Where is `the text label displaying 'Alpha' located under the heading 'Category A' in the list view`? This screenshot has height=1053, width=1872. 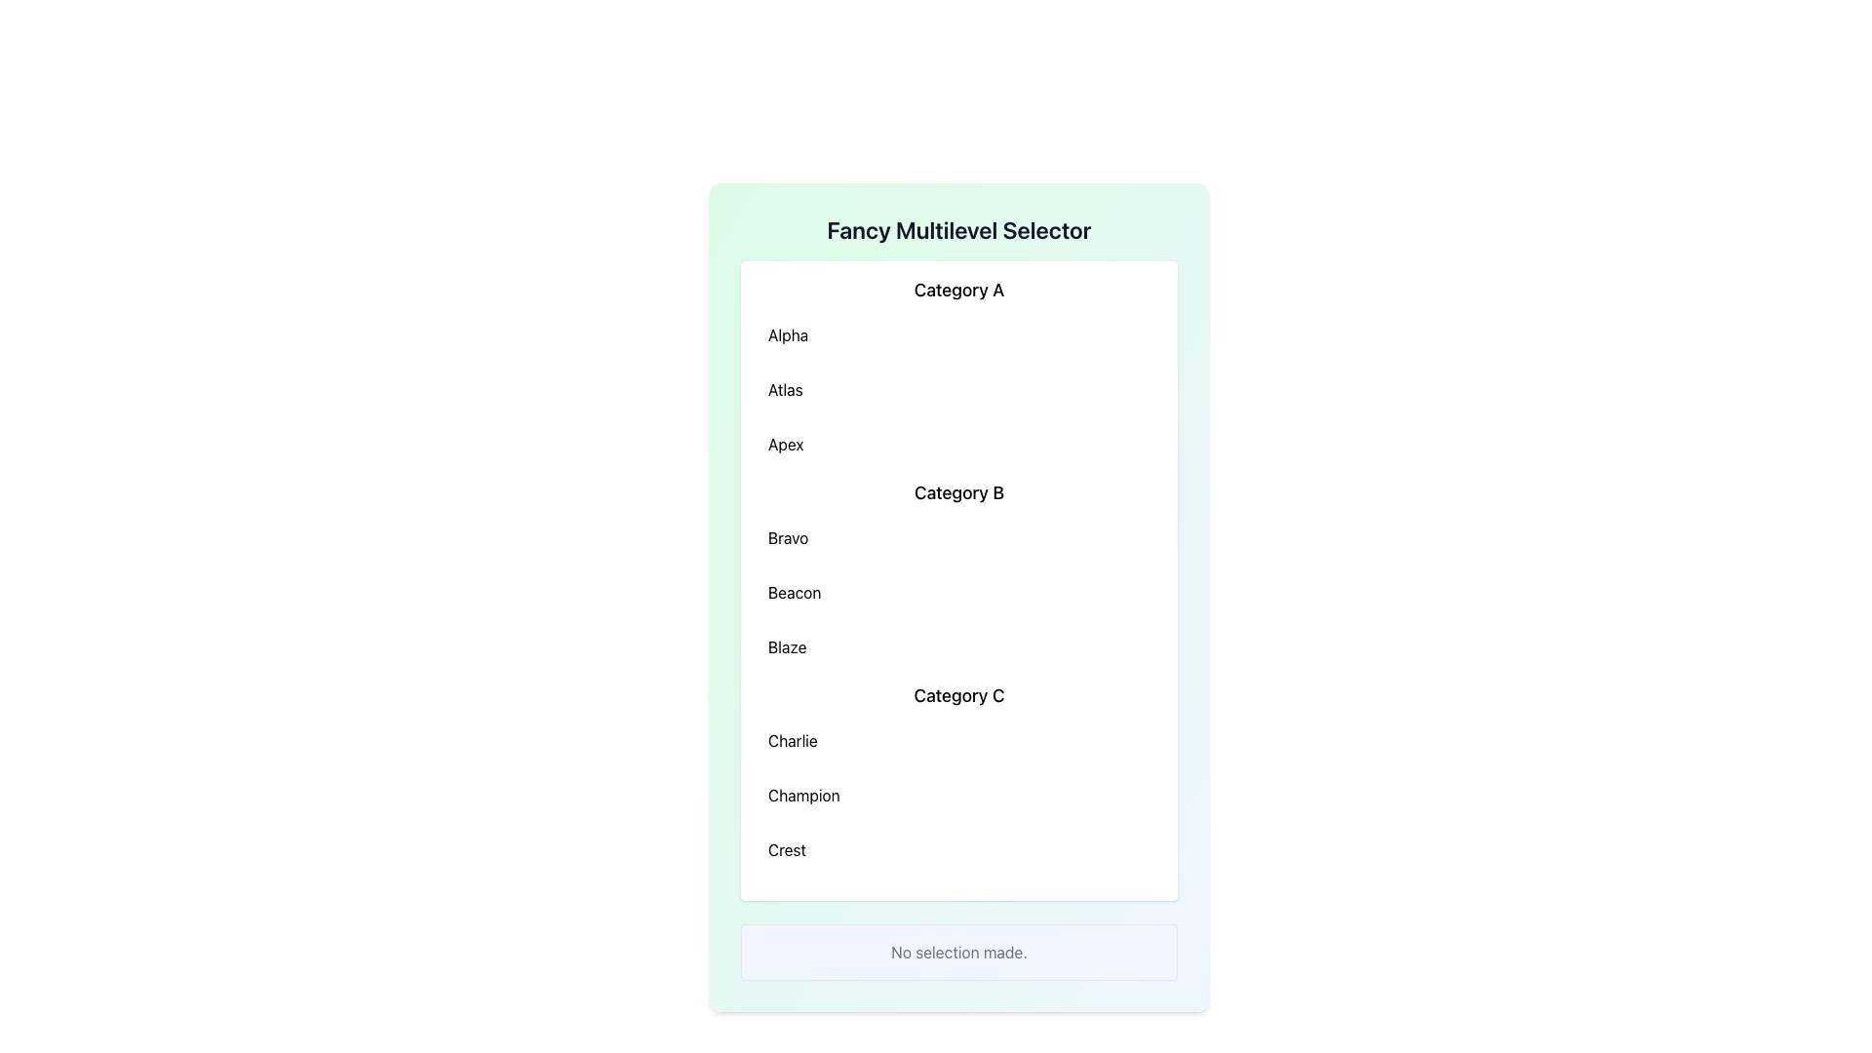 the text label displaying 'Alpha' located under the heading 'Category A' in the list view is located at coordinates (788, 333).